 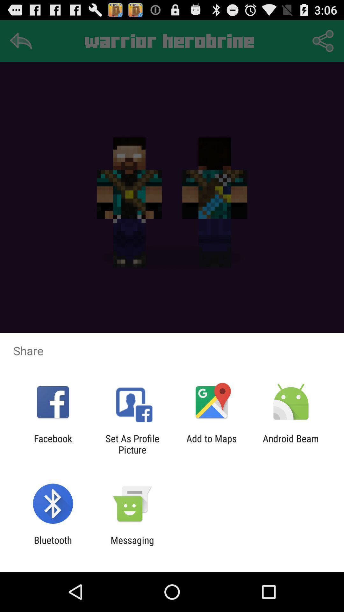 I want to click on the item next to messaging icon, so click(x=53, y=545).